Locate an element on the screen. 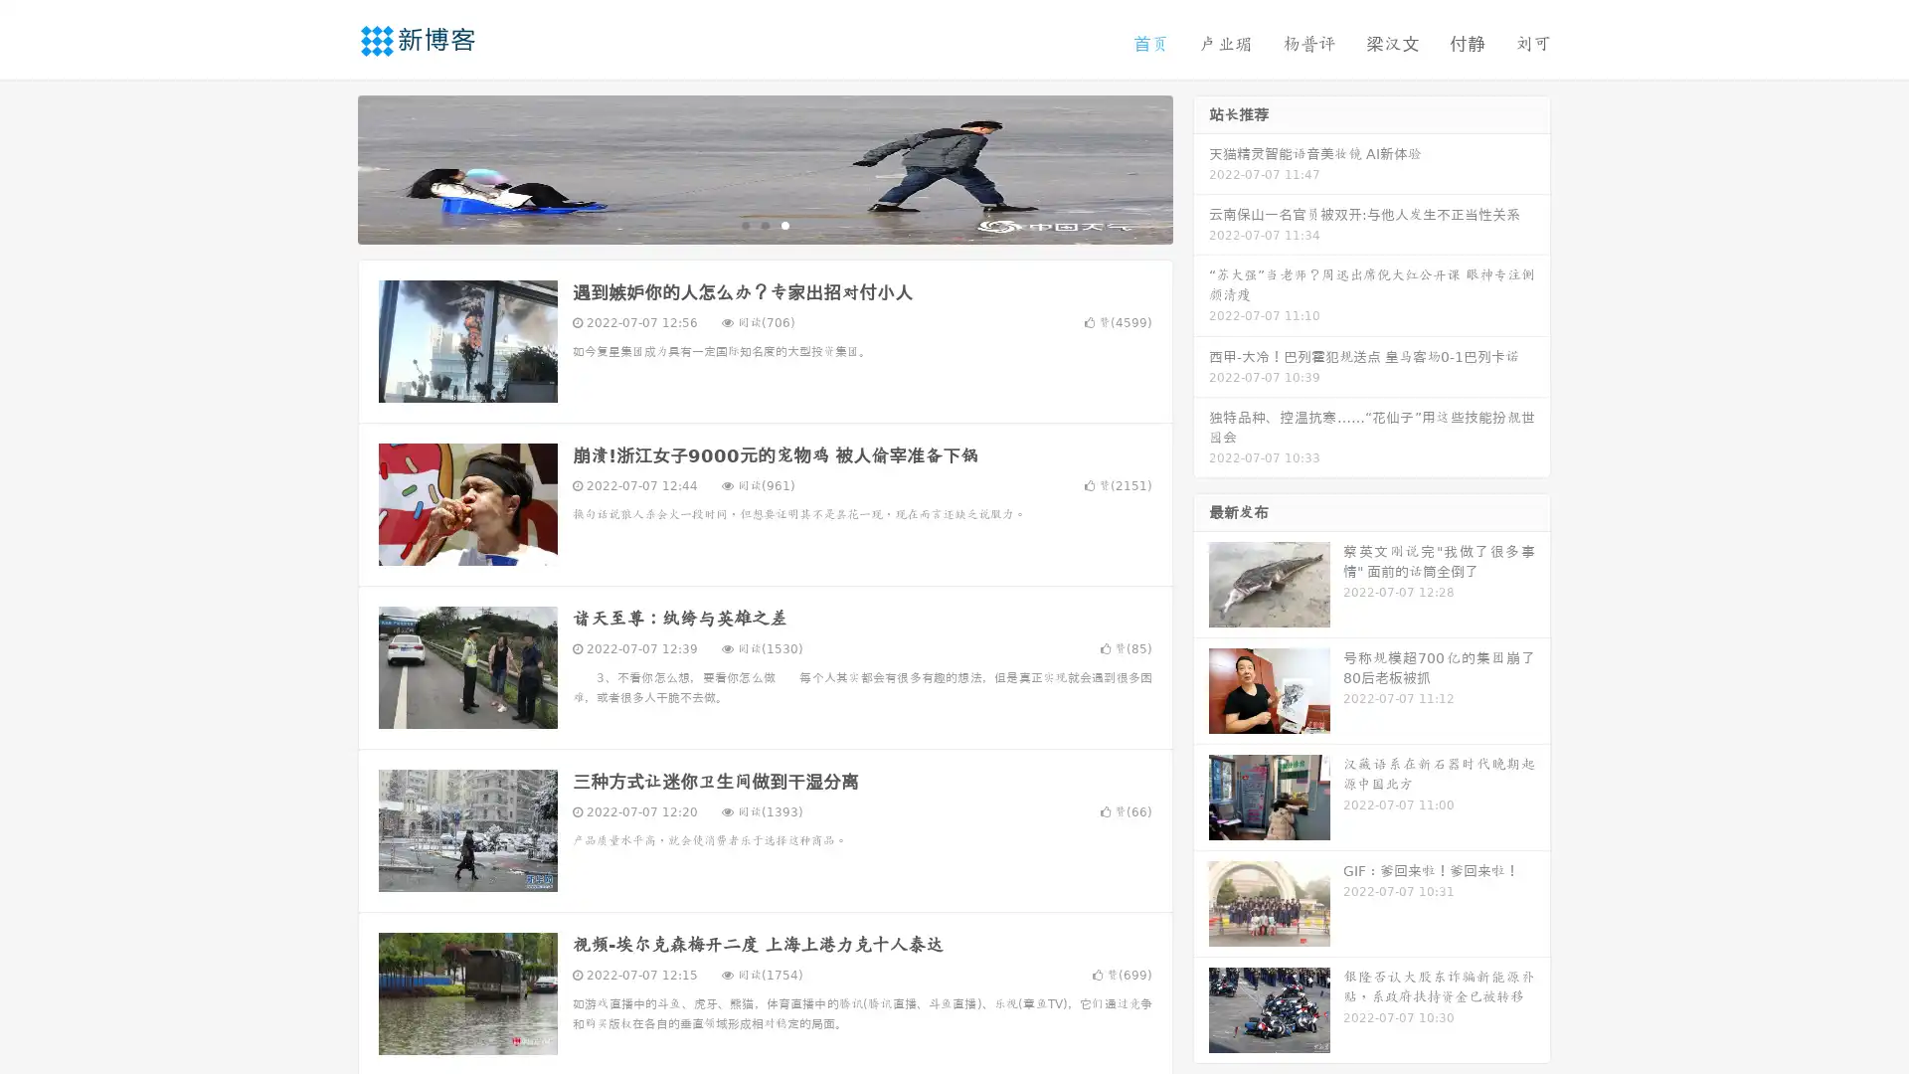  Next slide is located at coordinates (1201, 167).